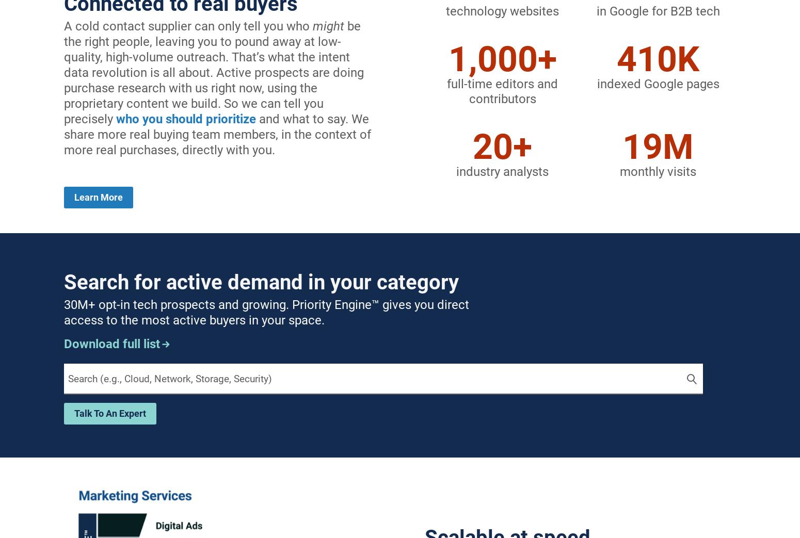 Image resolution: width=800 pixels, height=538 pixels. What do you see at coordinates (109, 413) in the screenshot?
I see `'talk to an expert'` at bounding box center [109, 413].